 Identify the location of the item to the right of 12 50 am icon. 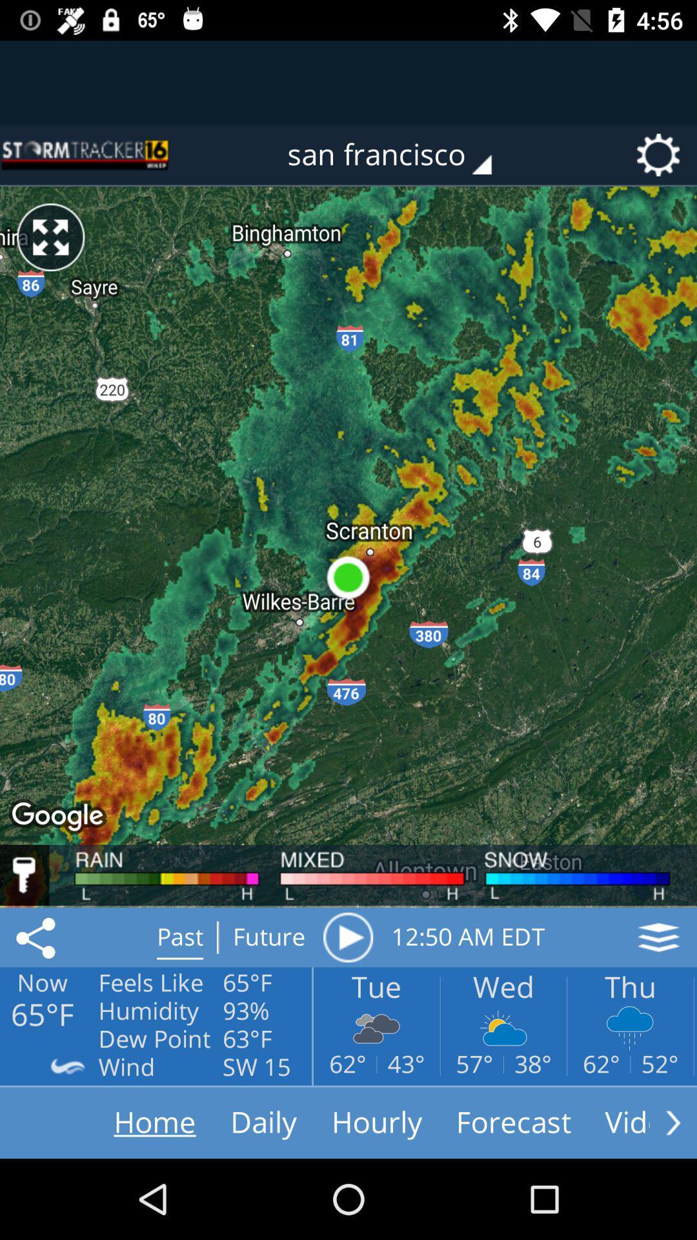
(658, 937).